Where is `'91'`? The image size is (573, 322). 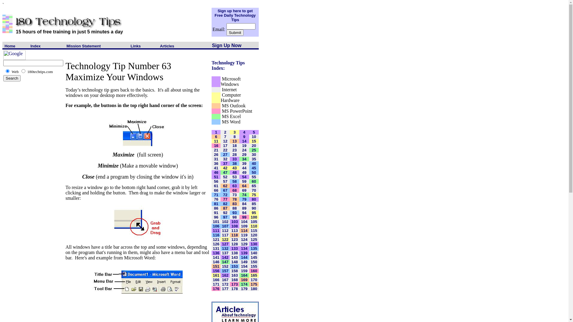 '91' is located at coordinates (216, 212).